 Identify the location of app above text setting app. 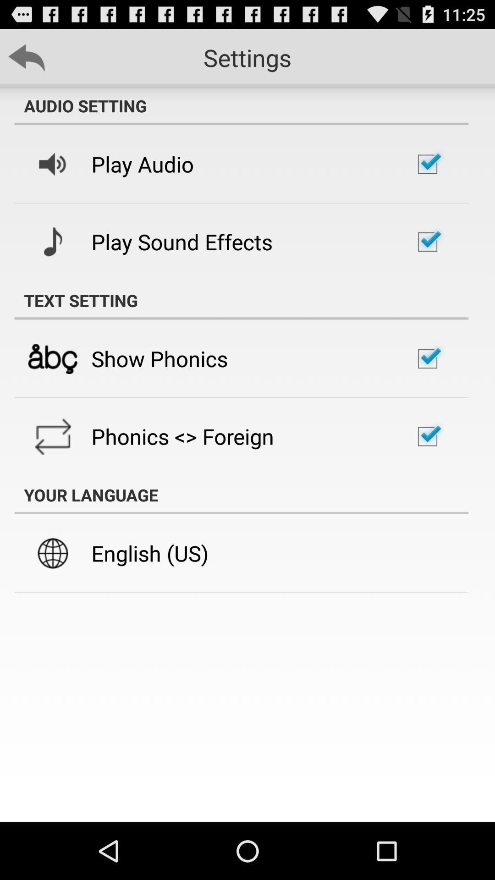
(182, 242).